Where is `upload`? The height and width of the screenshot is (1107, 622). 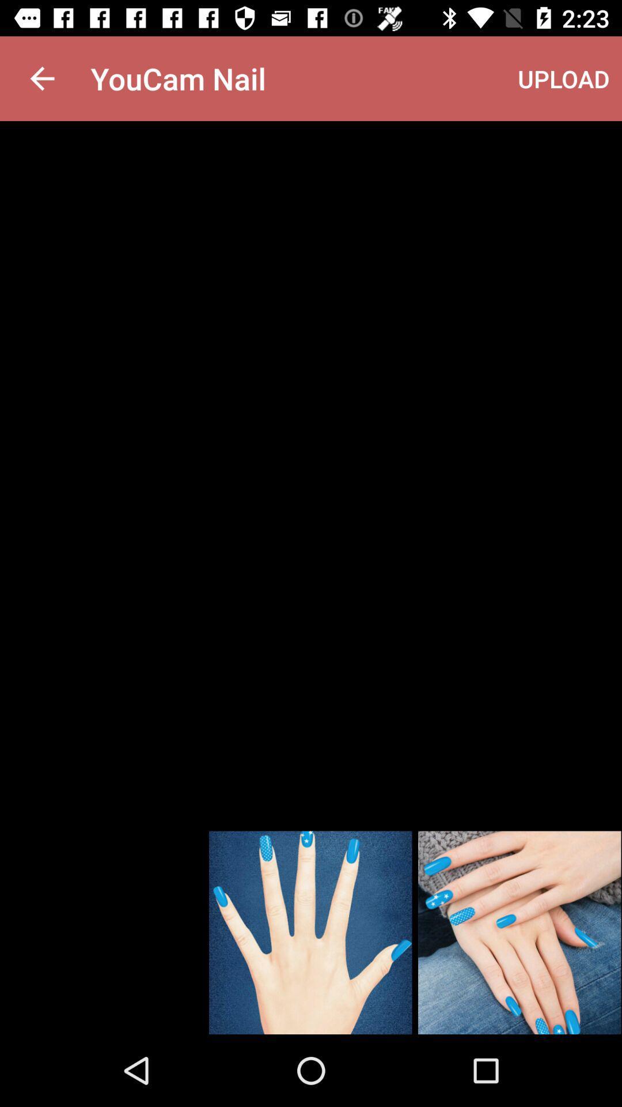
upload is located at coordinates (563, 78).